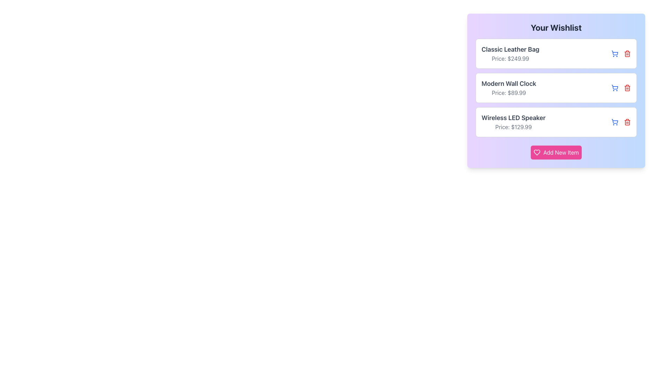 The height and width of the screenshot is (377, 670). What do you see at coordinates (556, 87) in the screenshot?
I see `the Product card in the wishlist, which displays a product listing with a title and price, located as the second item under 'Your Wishlist.'` at bounding box center [556, 87].